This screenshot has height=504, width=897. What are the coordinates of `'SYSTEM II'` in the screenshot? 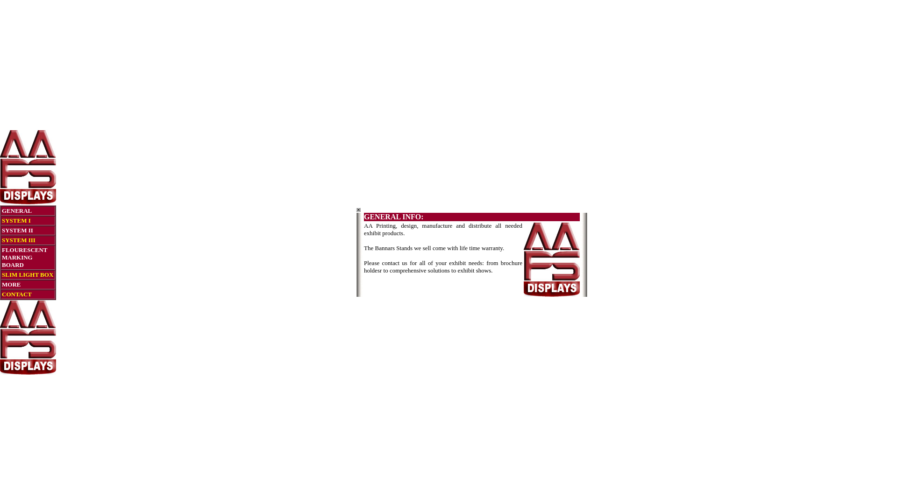 It's located at (17, 230).